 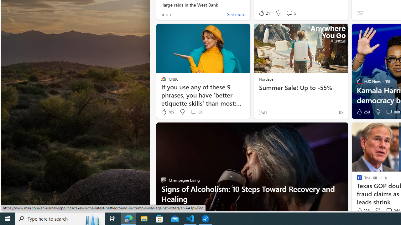 I want to click on 'tab-2', so click(x=170, y=14).